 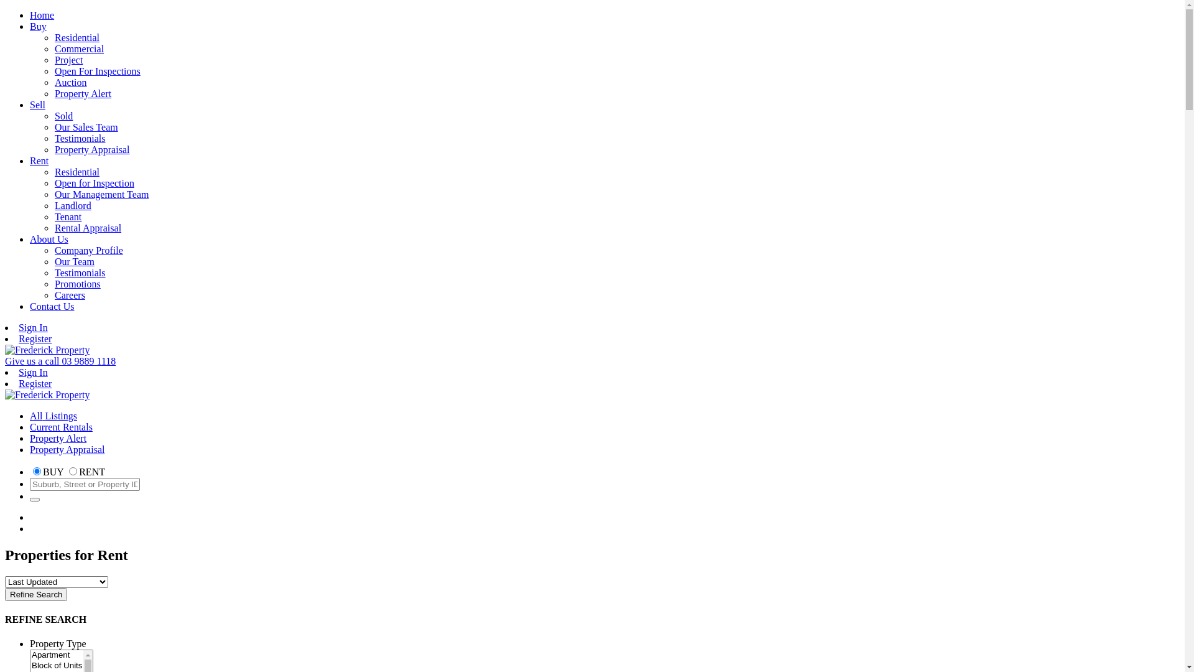 I want to click on 'Testimonials', so click(x=80, y=138).